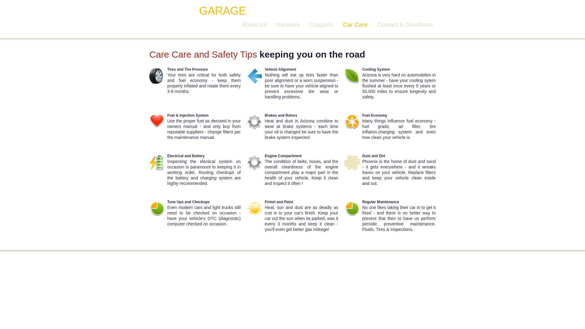 The image size is (585, 329). I want to click on 'Contact & Directions', so click(405, 24).